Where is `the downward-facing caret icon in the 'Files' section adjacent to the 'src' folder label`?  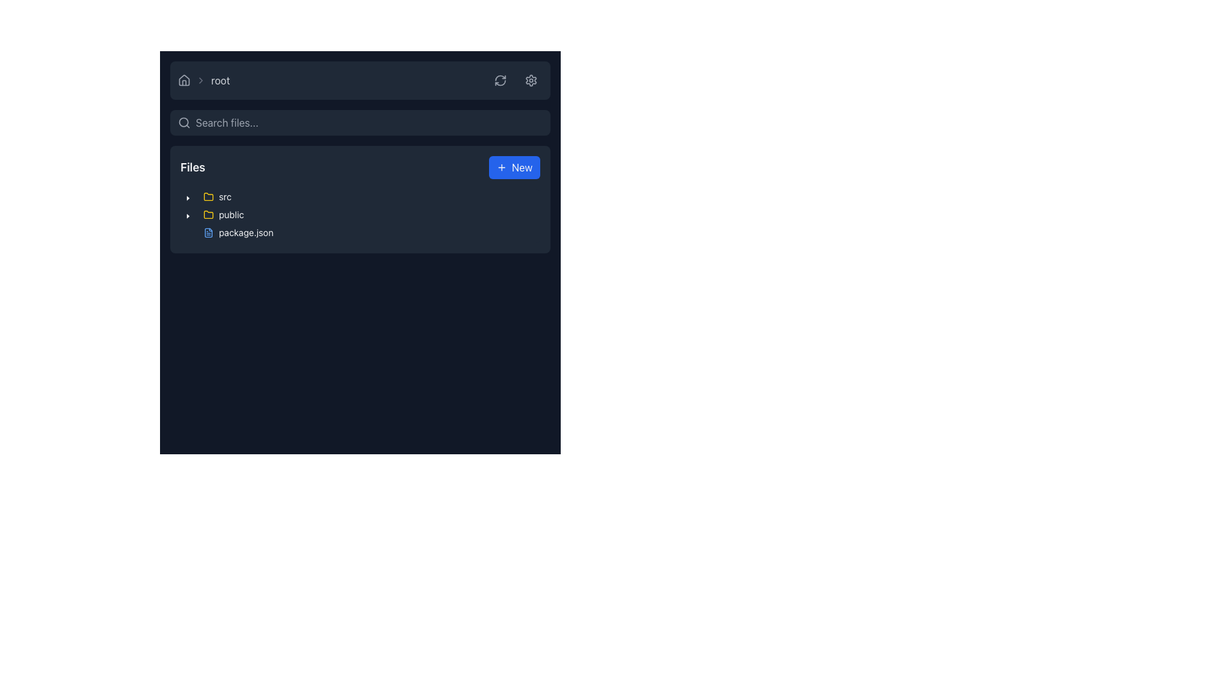 the downward-facing caret icon in the 'Files' section adjacent to the 'src' folder label is located at coordinates (187, 216).